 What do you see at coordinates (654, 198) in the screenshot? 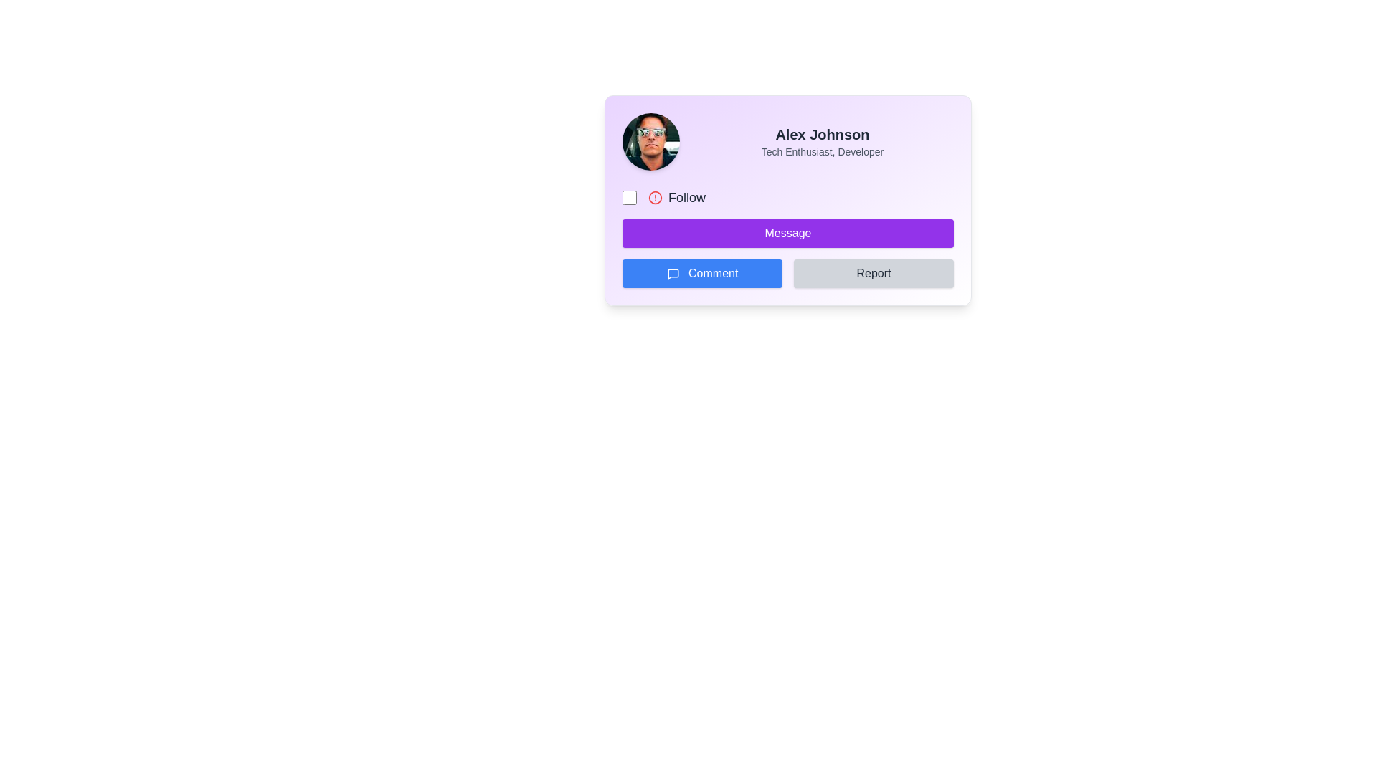
I see `the visual indicator icon located to the left of the 'Follow' text, which serves as an attention-drawing element suggesting urgency` at bounding box center [654, 198].